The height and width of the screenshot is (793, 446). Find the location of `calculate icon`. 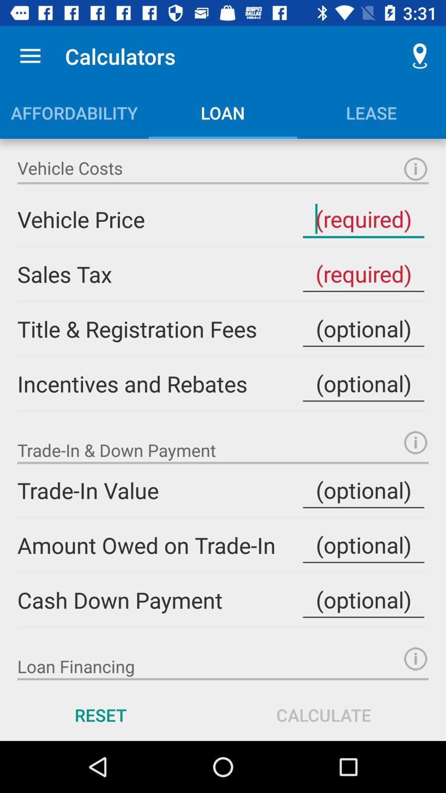

calculate icon is located at coordinates (323, 715).